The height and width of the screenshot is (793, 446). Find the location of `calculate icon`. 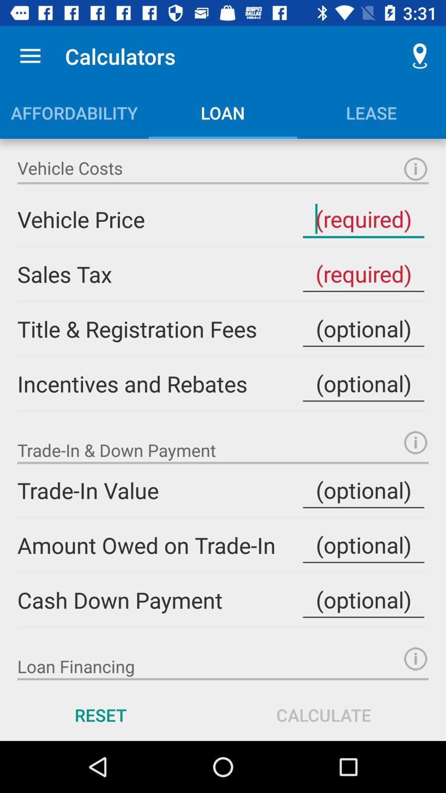

calculate icon is located at coordinates (323, 715).